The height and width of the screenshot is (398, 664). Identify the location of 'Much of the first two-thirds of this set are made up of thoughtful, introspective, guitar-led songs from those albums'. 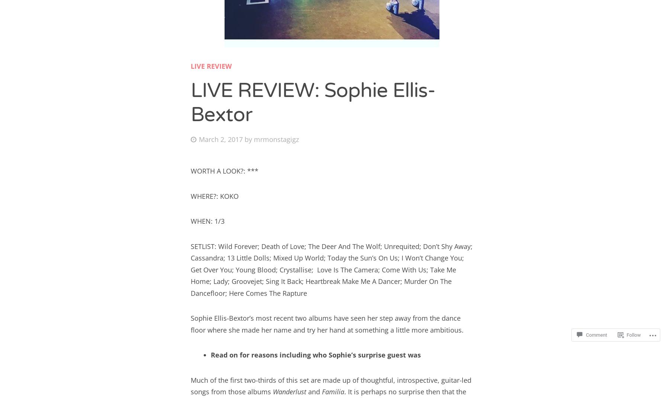
(190, 386).